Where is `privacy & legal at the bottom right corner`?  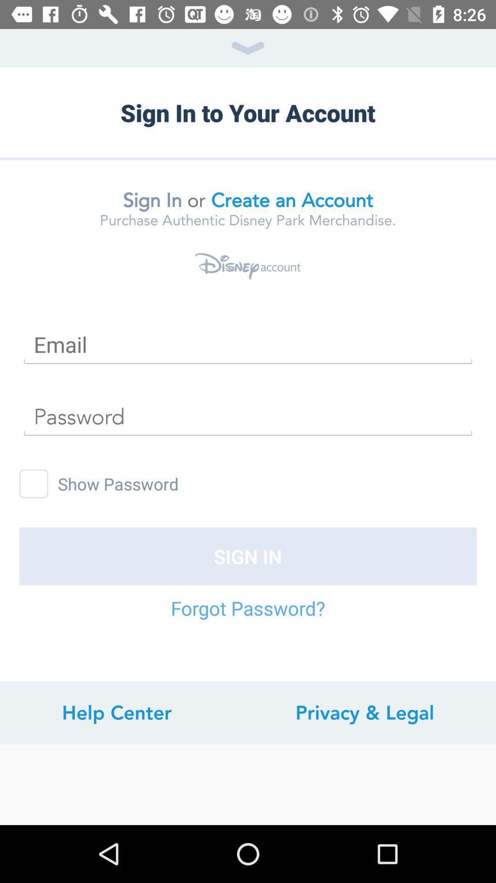
privacy & legal at the bottom right corner is located at coordinates (364, 712).